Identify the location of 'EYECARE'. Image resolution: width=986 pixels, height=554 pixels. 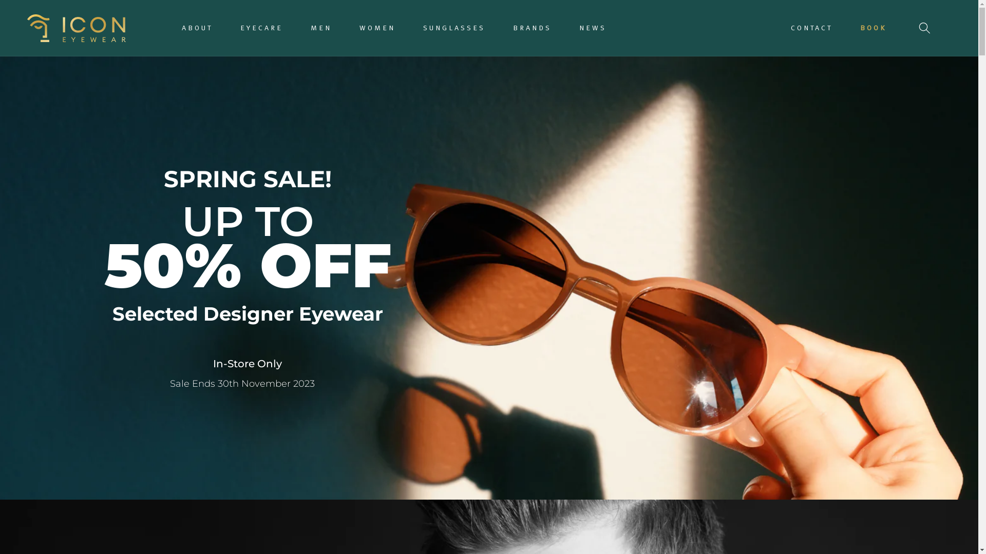
(261, 27).